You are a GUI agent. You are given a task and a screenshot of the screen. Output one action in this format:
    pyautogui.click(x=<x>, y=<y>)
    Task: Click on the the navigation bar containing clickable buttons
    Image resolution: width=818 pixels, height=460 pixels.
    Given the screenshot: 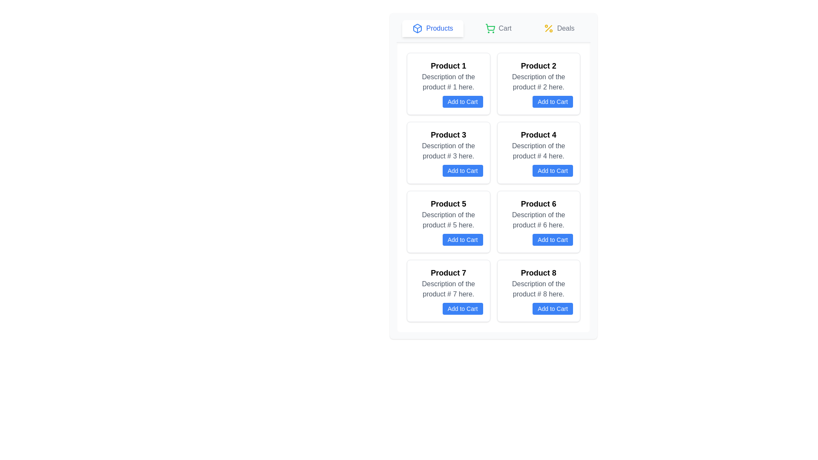 What is the action you would take?
    pyautogui.click(x=493, y=31)
    